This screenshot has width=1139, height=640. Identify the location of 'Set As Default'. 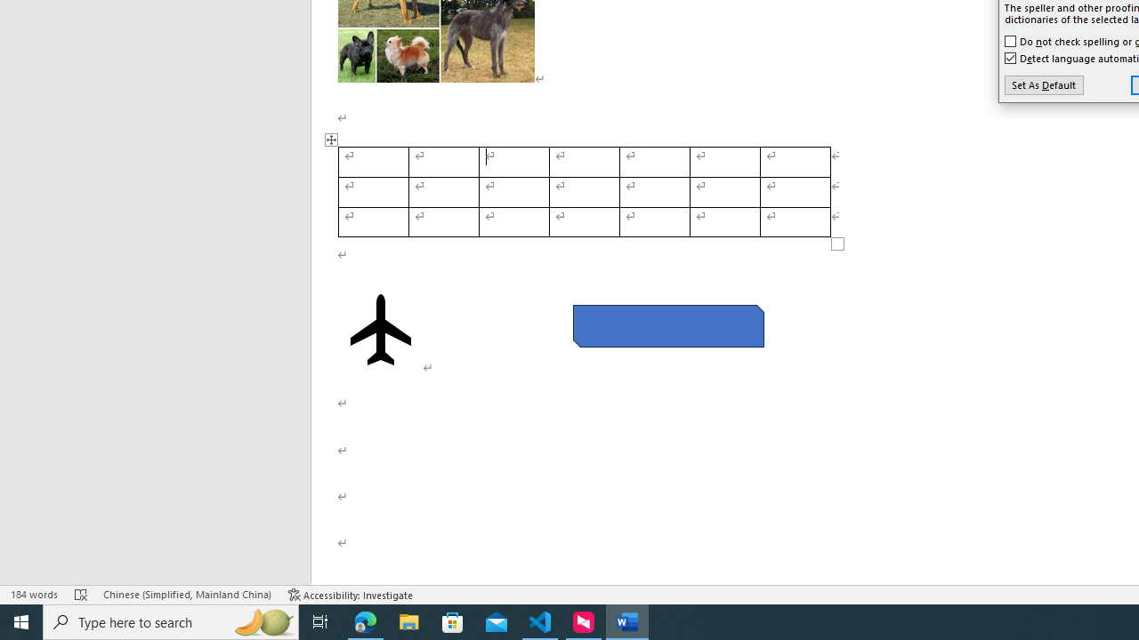
(1044, 85).